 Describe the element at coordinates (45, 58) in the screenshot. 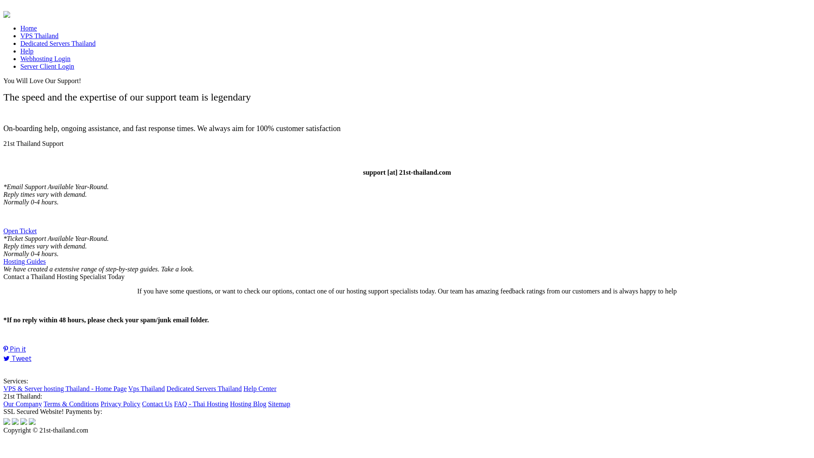

I see `'Webhosting Login'` at that location.